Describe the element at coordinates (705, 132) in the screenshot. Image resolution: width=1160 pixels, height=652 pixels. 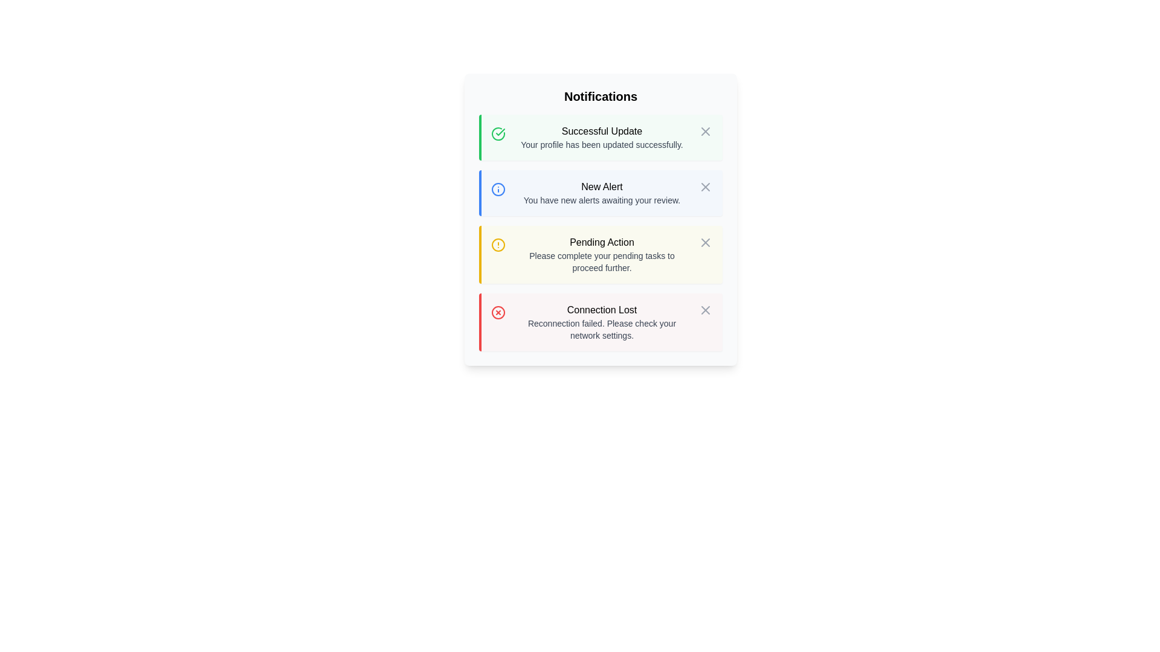
I see `the close button on the 'Successful Update' notification panel` at that location.